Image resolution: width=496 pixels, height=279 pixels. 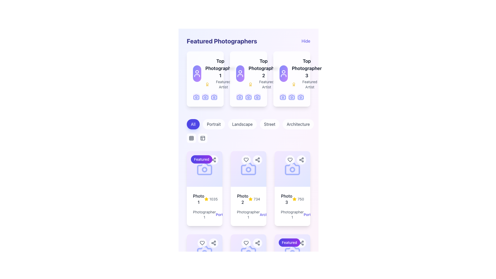 What do you see at coordinates (250, 124) in the screenshot?
I see `keyboard navigation` at bounding box center [250, 124].